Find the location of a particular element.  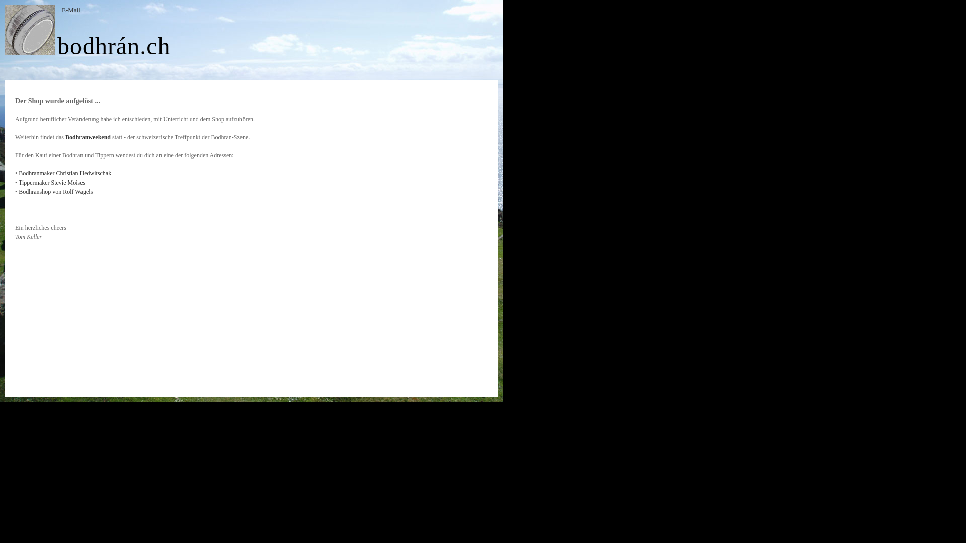

'Tippermaker Stevie Moises' is located at coordinates (51, 182).